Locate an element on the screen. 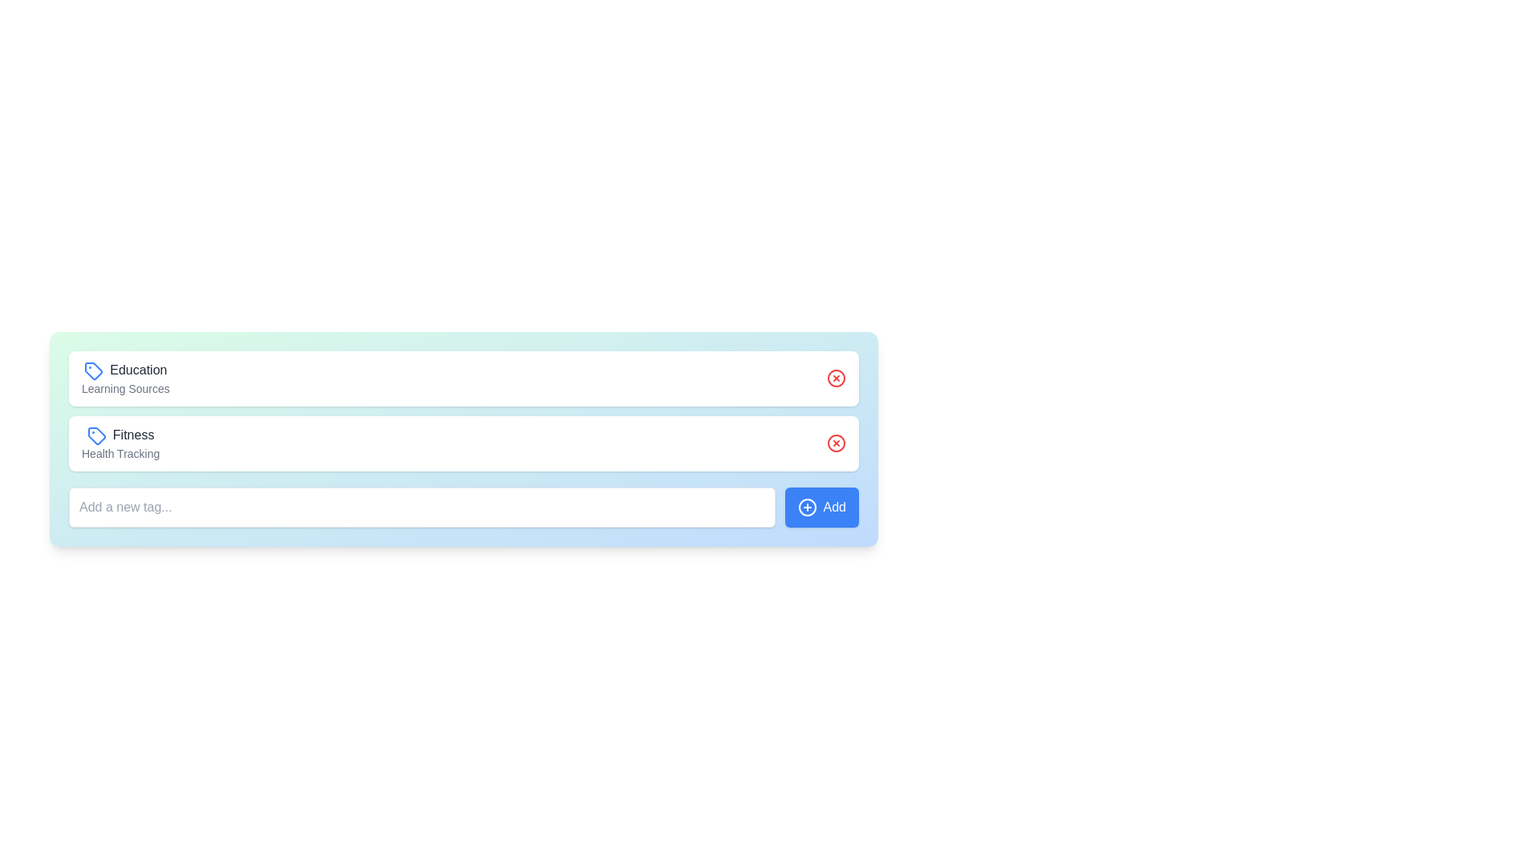 This screenshot has height=866, width=1540. the 'Fitness' label with the accompanying blue tag icon, which is the second item in the vertical list under the 'Education' label is located at coordinates (120, 443).